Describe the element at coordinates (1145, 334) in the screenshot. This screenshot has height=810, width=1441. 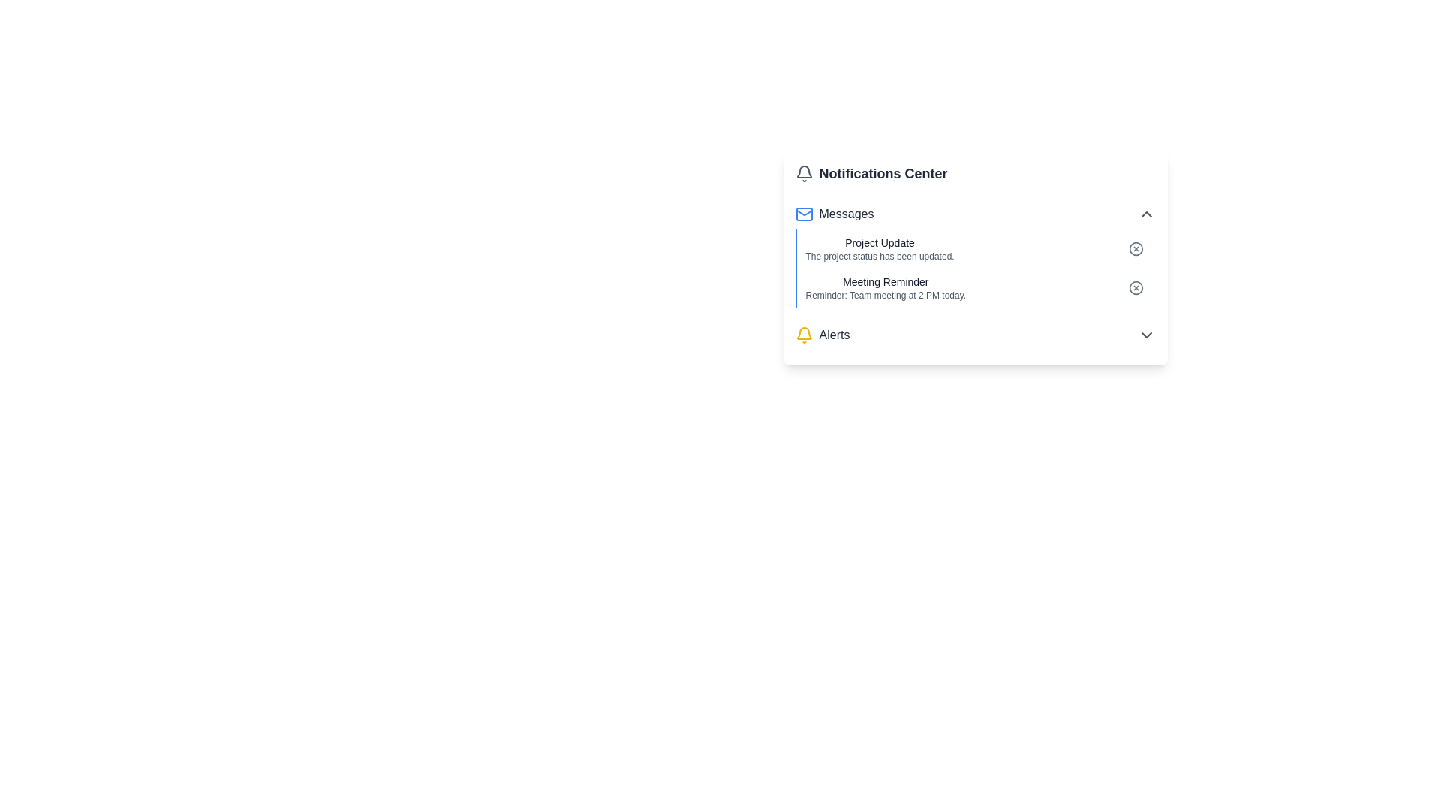
I see `the SVG Chevron-Down icon located to the far right of the 'Alerts' text in the notification menu` at that location.